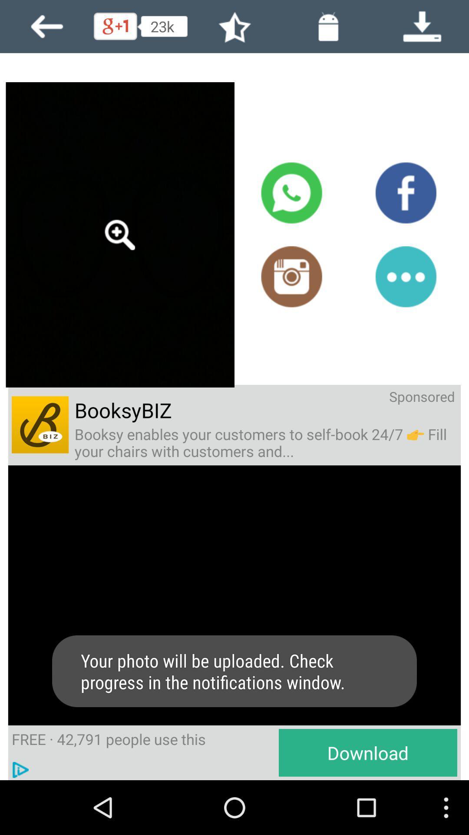 This screenshot has height=835, width=469. I want to click on the zoom in  icon which is above booksybiz on the page, so click(120, 235).